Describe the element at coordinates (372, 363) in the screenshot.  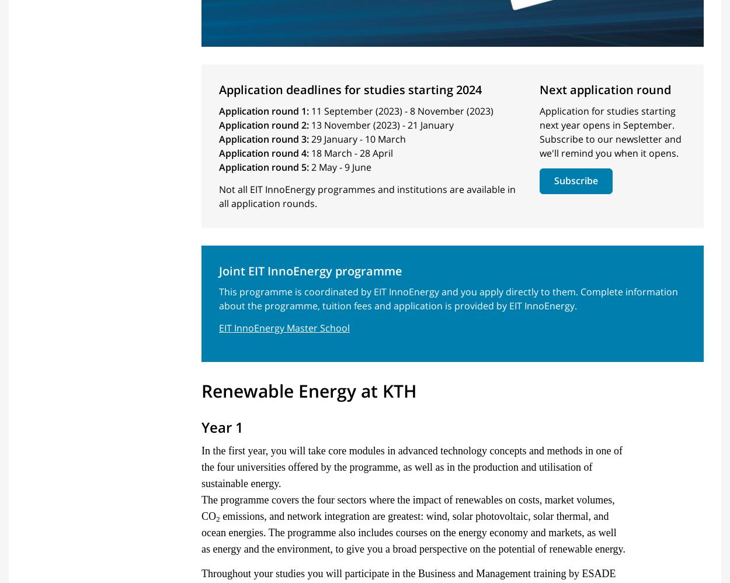
I see `'Course and programme directory'` at that location.